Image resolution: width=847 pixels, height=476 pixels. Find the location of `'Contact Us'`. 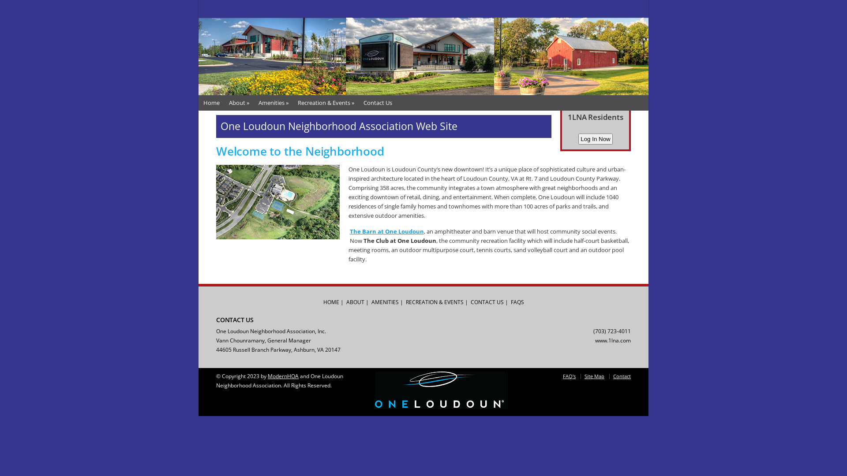

'Contact Us' is located at coordinates (378, 102).